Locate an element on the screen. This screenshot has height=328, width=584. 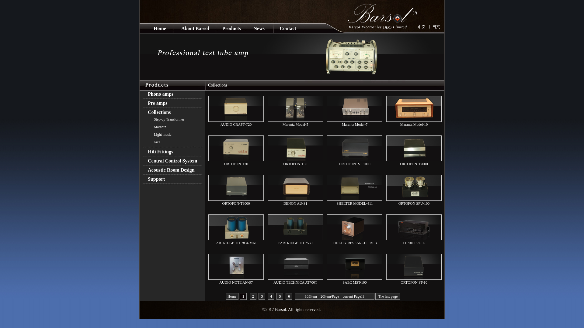
'About Barsol' is located at coordinates (195, 28).